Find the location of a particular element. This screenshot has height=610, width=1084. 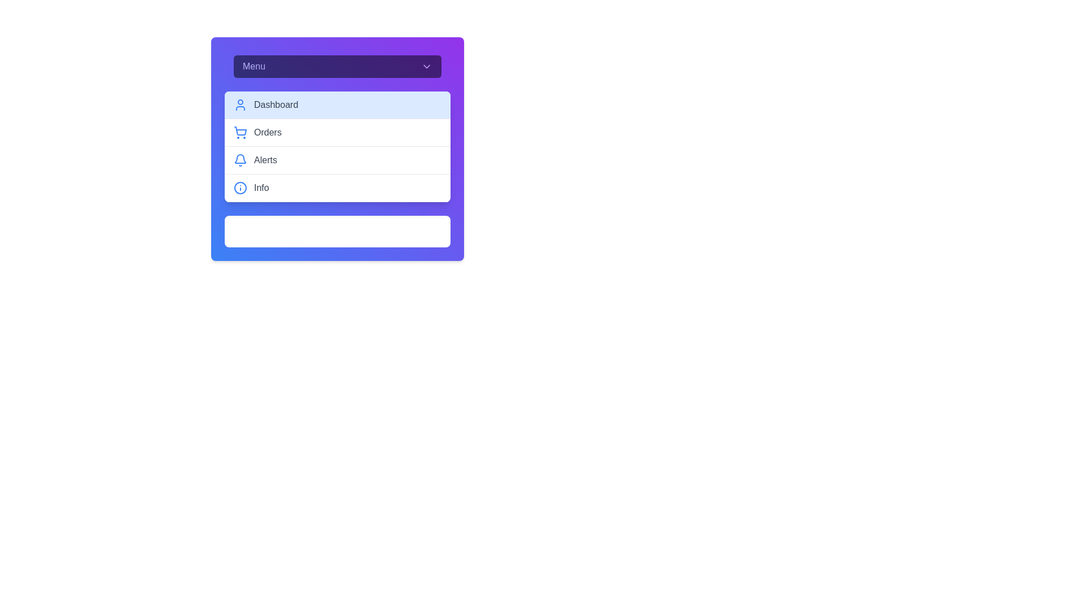

text label that describes the 'Dashboard' section in the menu, located next to the user icon in the first tab entry is located at coordinates (276, 104).